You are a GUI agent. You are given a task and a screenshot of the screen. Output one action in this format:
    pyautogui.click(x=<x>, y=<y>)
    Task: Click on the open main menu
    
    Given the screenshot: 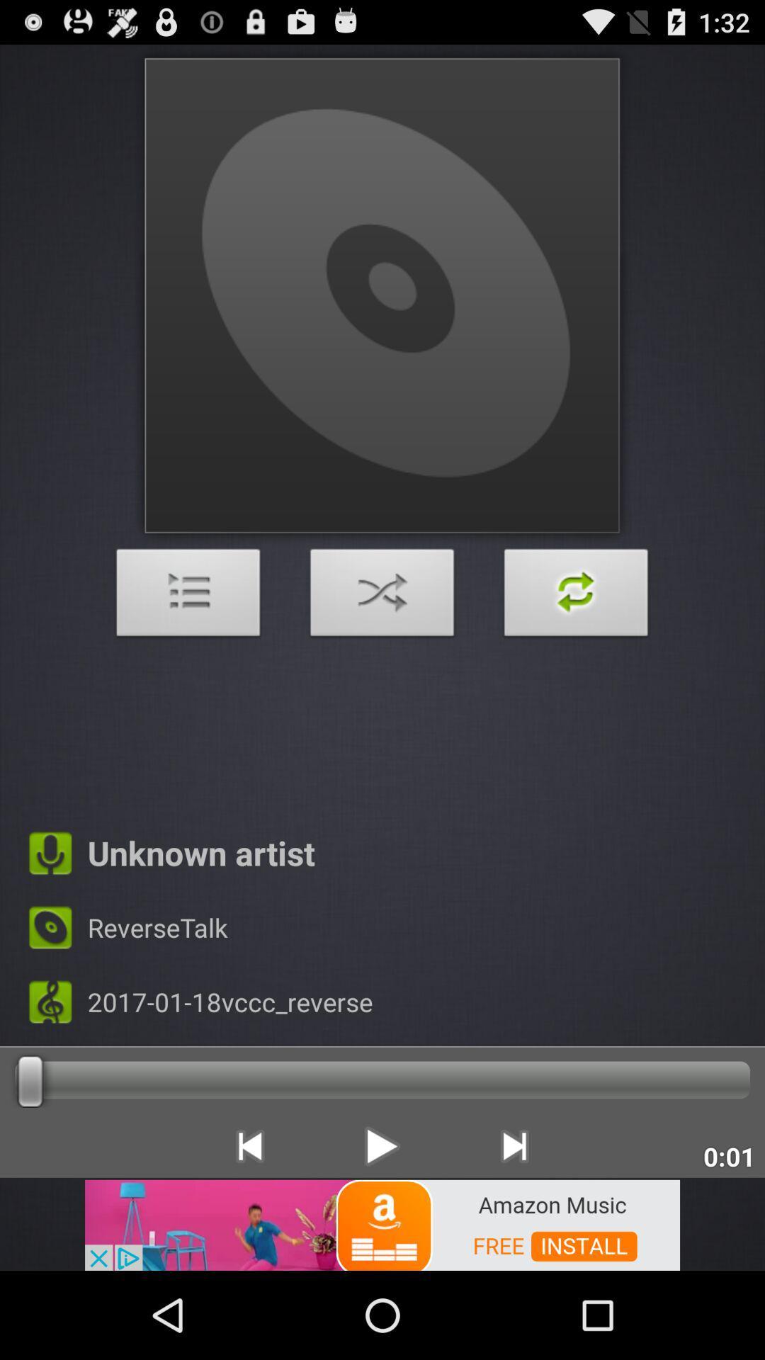 What is the action you would take?
    pyautogui.click(x=188, y=596)
    